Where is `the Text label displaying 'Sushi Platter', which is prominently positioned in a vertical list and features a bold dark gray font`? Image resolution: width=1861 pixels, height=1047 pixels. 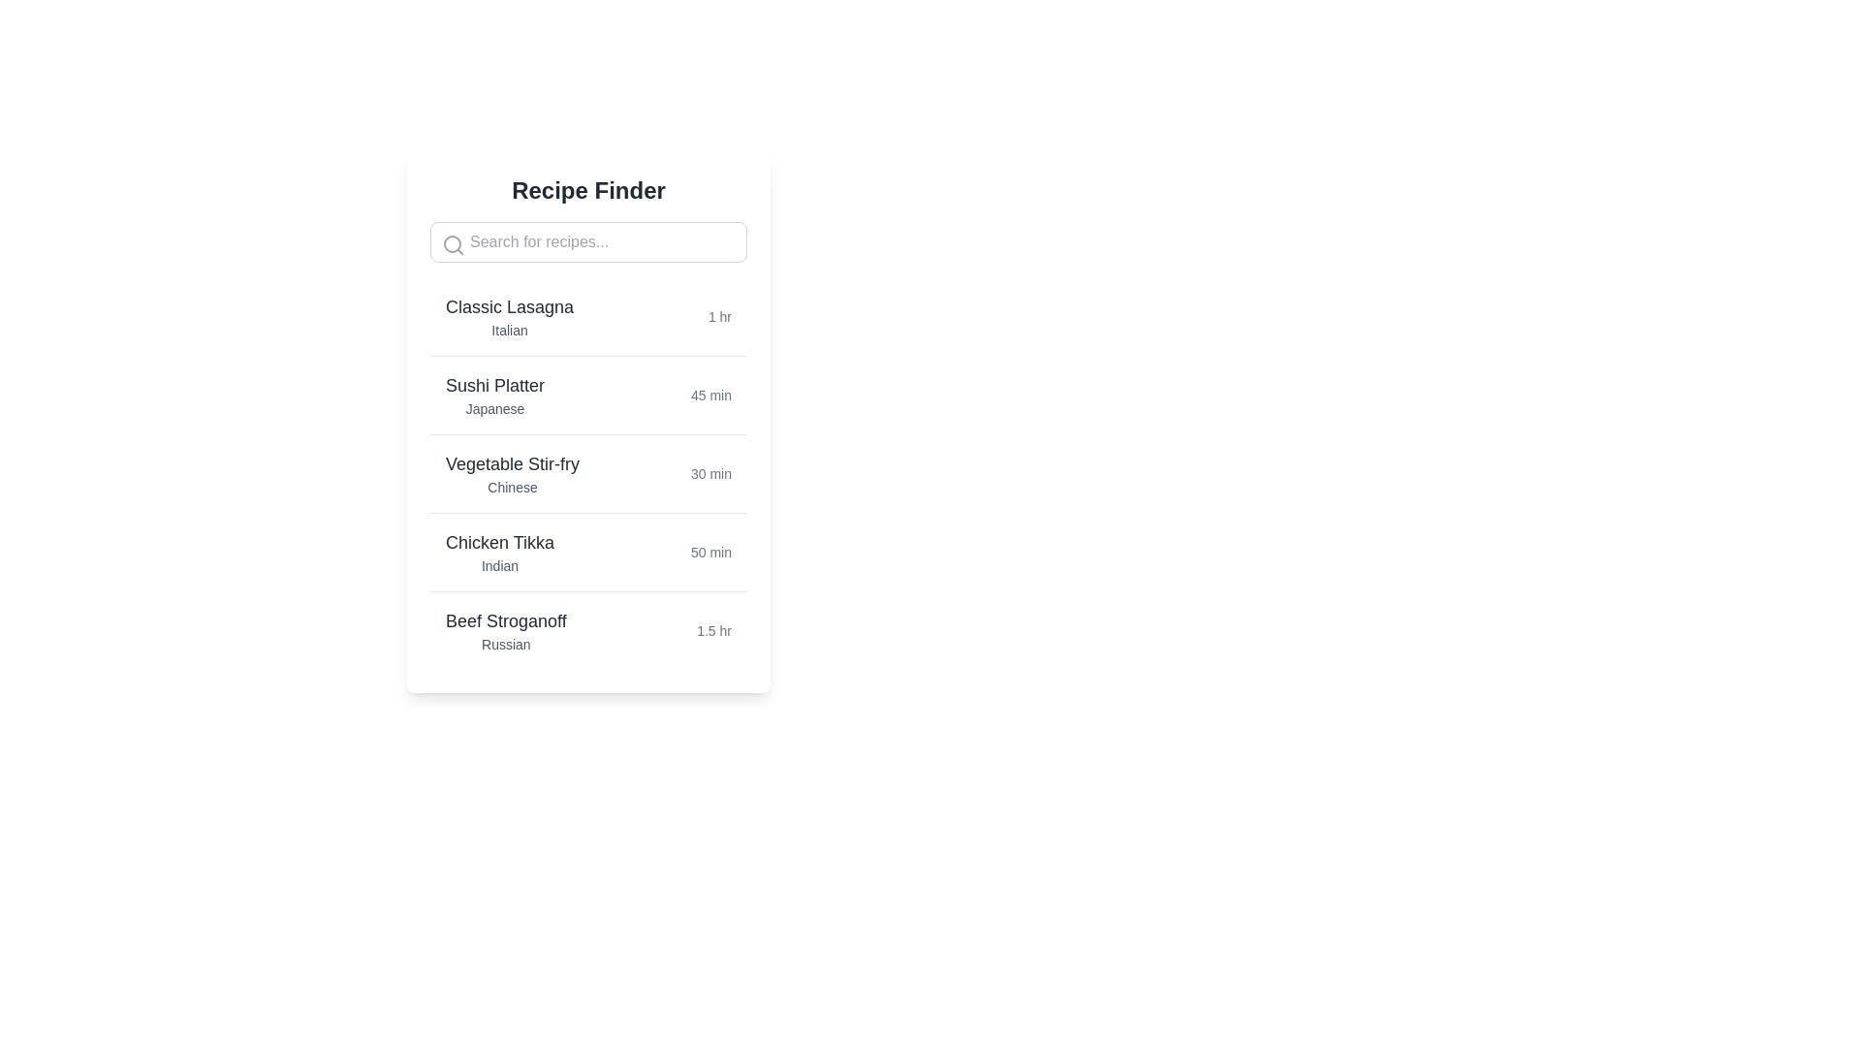 the Text label displaying 'Sushi Platter', which is prominently positioned in a vertical list and features a bold dark gray font is located at coordinates (495, 385).